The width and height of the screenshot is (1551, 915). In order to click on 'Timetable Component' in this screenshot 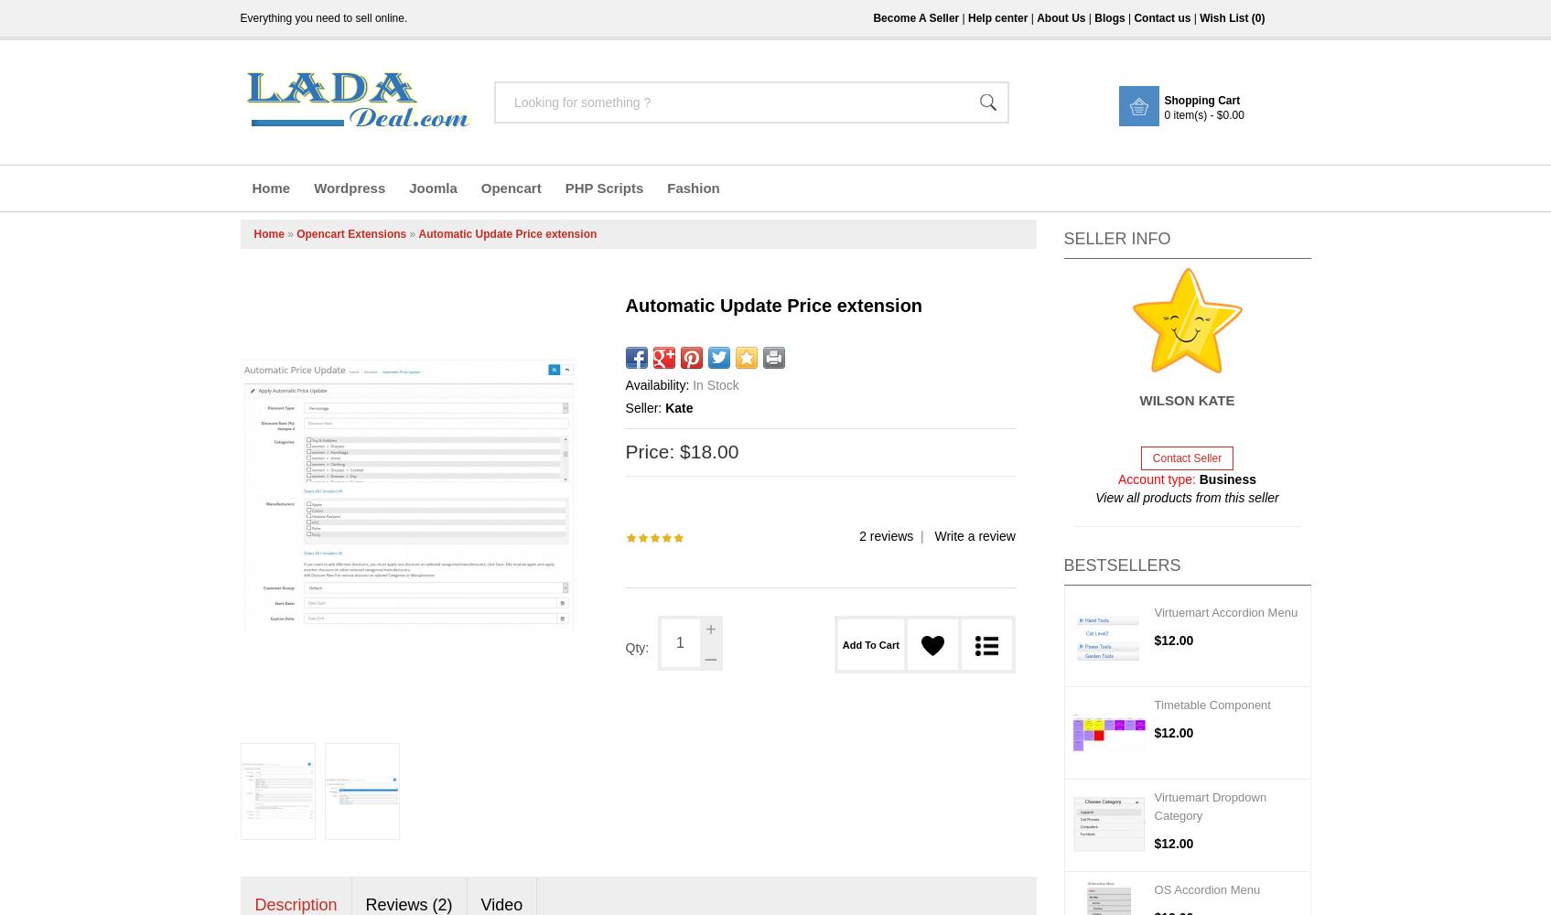, I will do `click(1212, 705)`.